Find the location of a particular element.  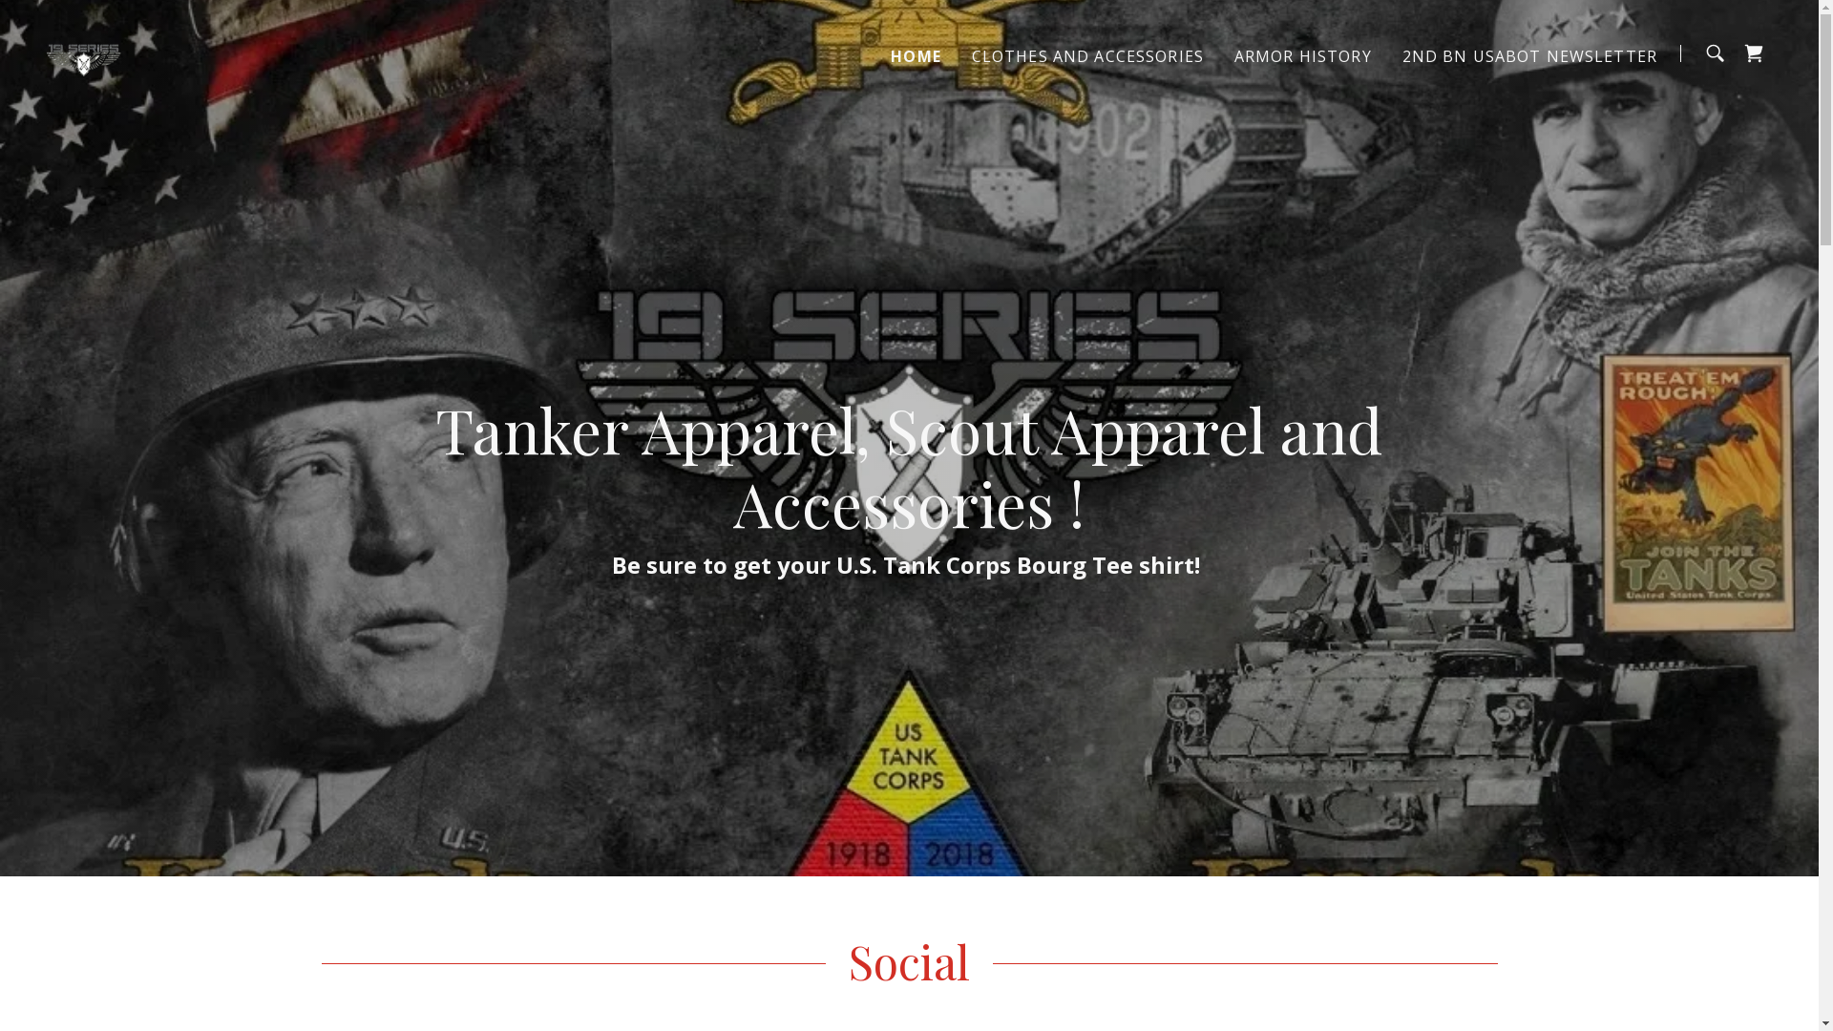

'HOME' is located at coordinates (915, 53).